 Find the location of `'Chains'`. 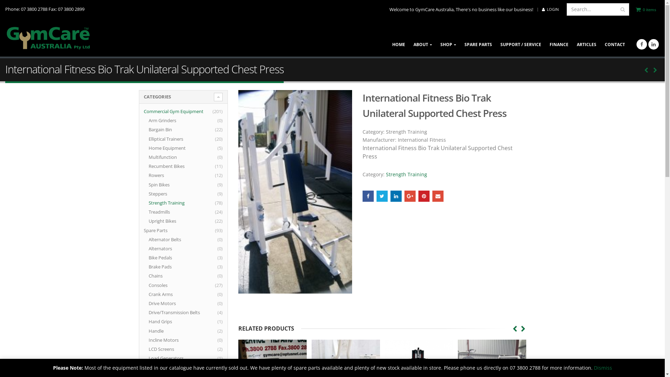

'Chains' is located at coordinates (159, 275).